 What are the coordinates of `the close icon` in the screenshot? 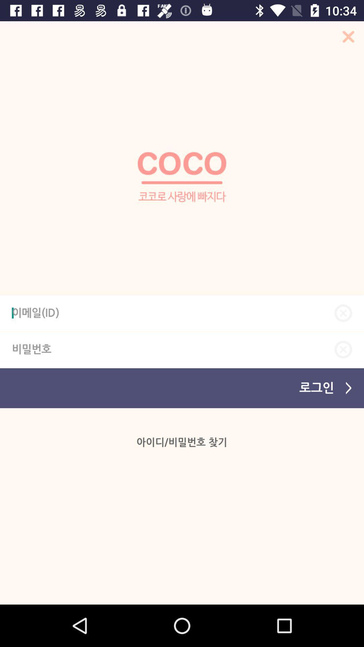 It's located at (346, 38).